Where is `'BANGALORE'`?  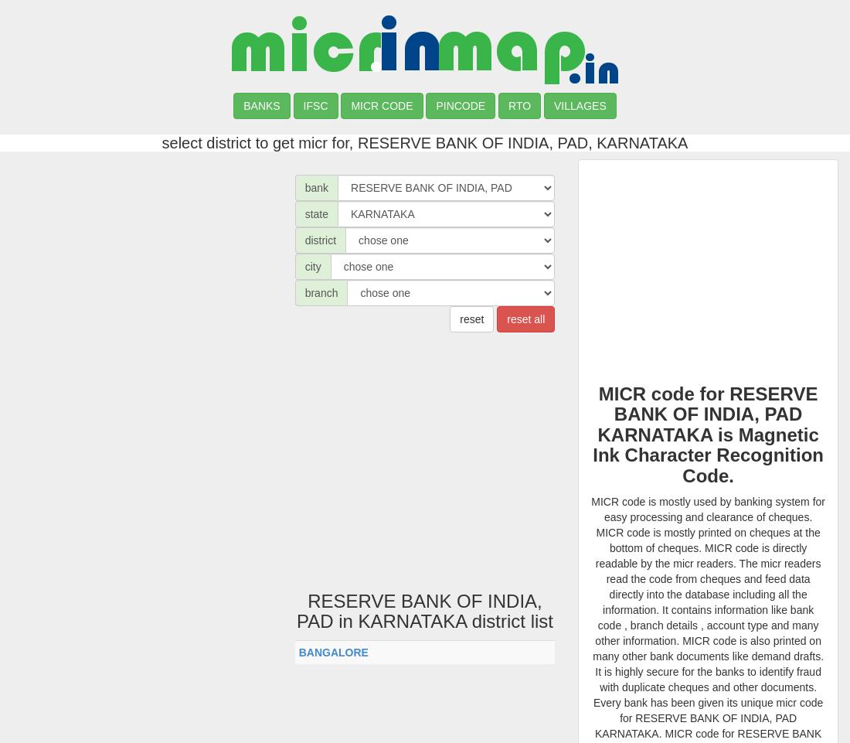
'BANGALORE' is located at coordinates (331, 651).